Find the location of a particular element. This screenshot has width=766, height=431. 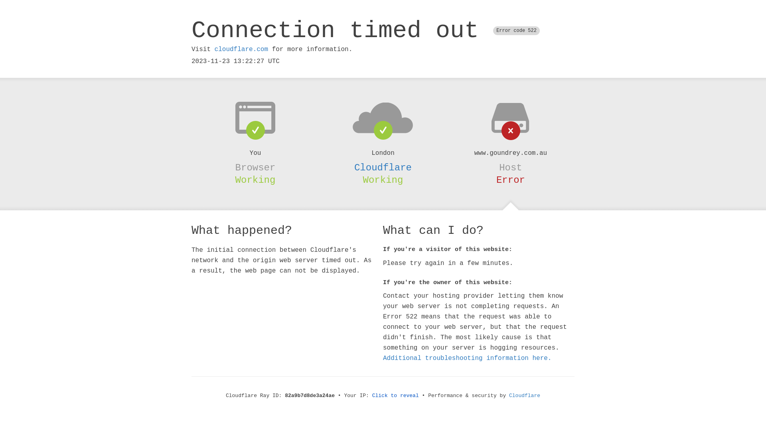

'Additional troubleshooting information here.' is located at coordinates (467, 358).